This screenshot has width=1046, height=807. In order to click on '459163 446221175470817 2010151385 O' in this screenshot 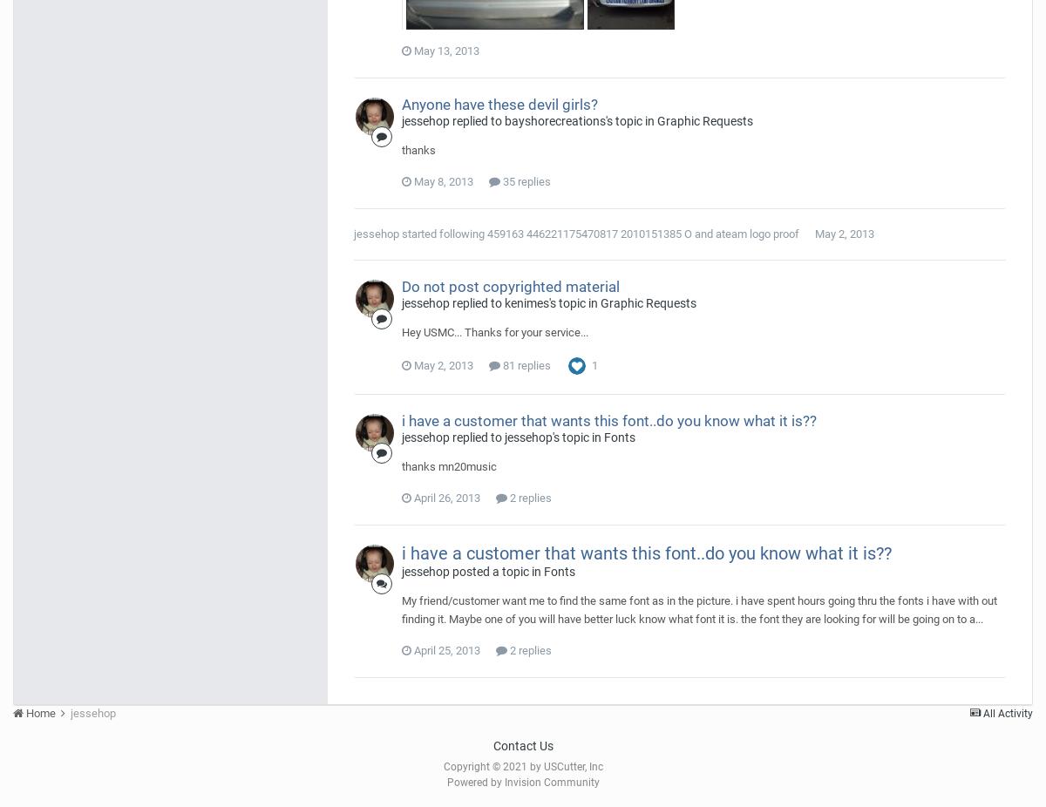, I will do `click(589, 233)`.